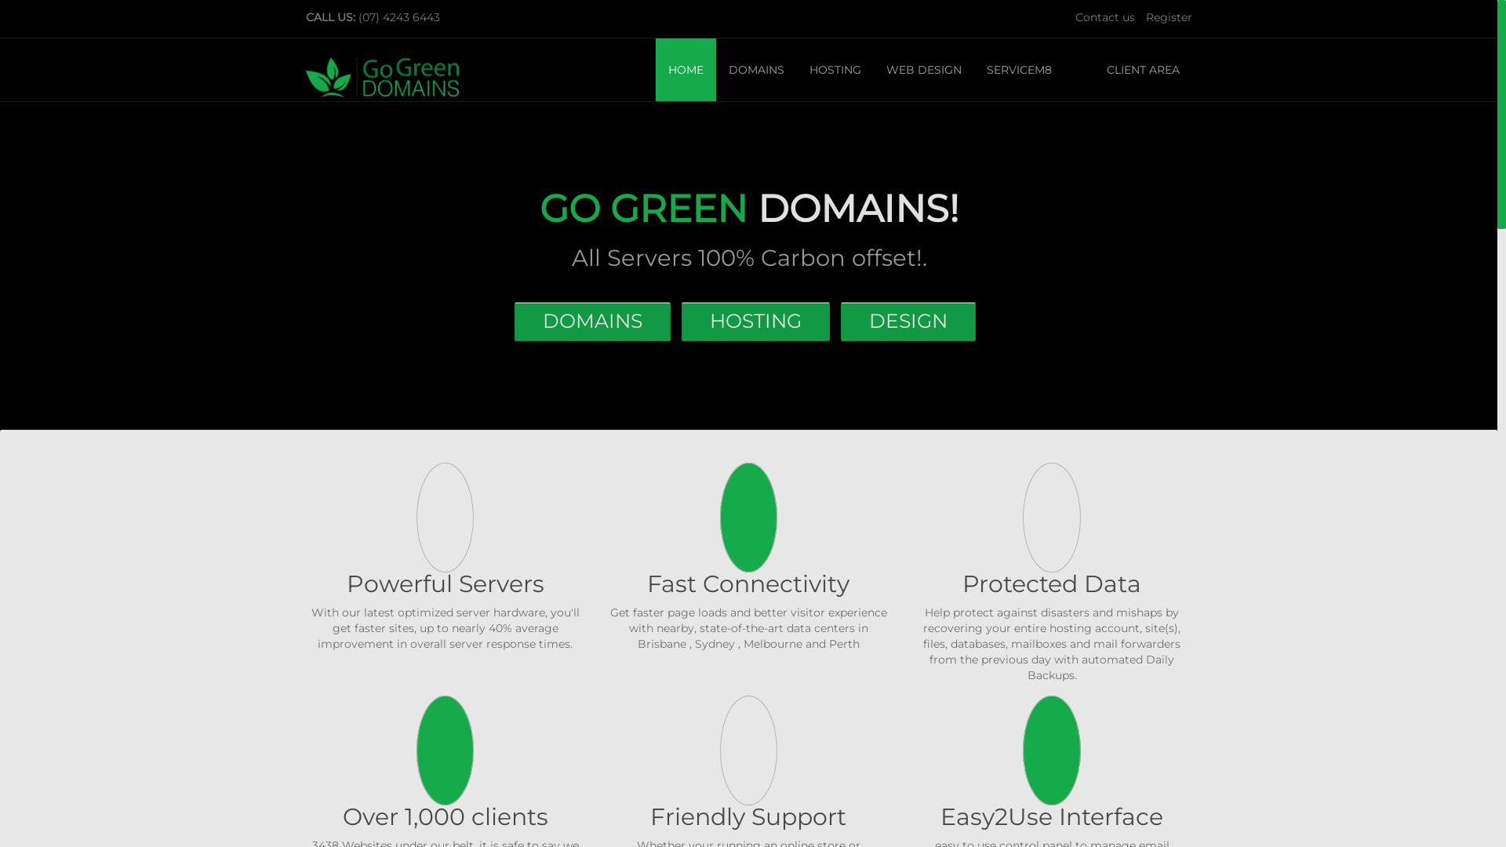  I want to click on 'DOMAINS', so click(515, 319).